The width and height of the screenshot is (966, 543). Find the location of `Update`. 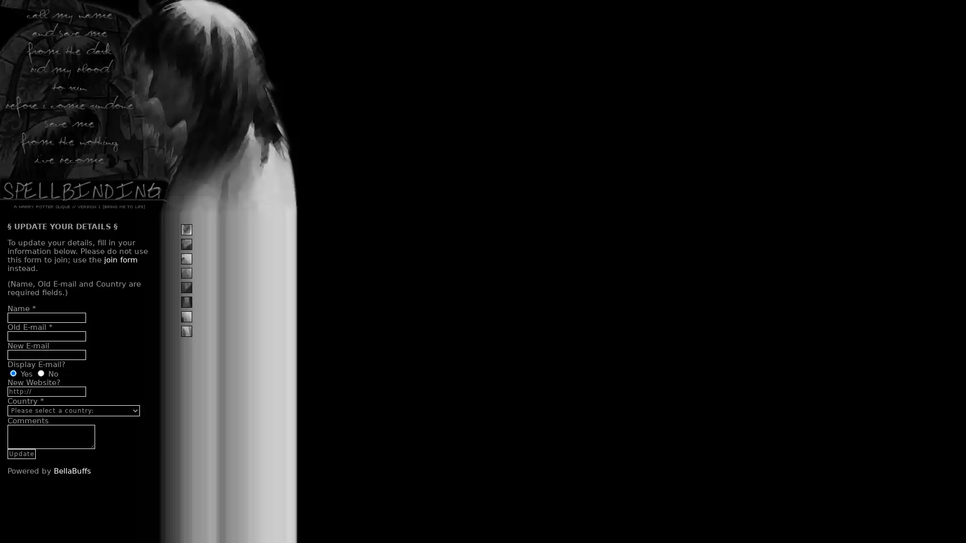

Update is located at coordinates (22, 454).